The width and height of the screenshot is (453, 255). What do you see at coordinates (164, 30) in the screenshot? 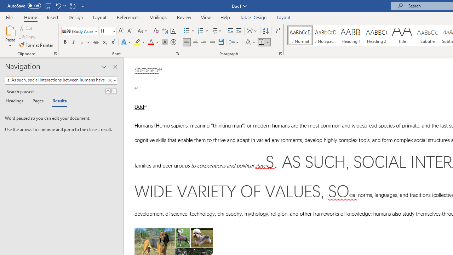
I see `'Phonetic Guide...'` at bounding box center [164, 30].